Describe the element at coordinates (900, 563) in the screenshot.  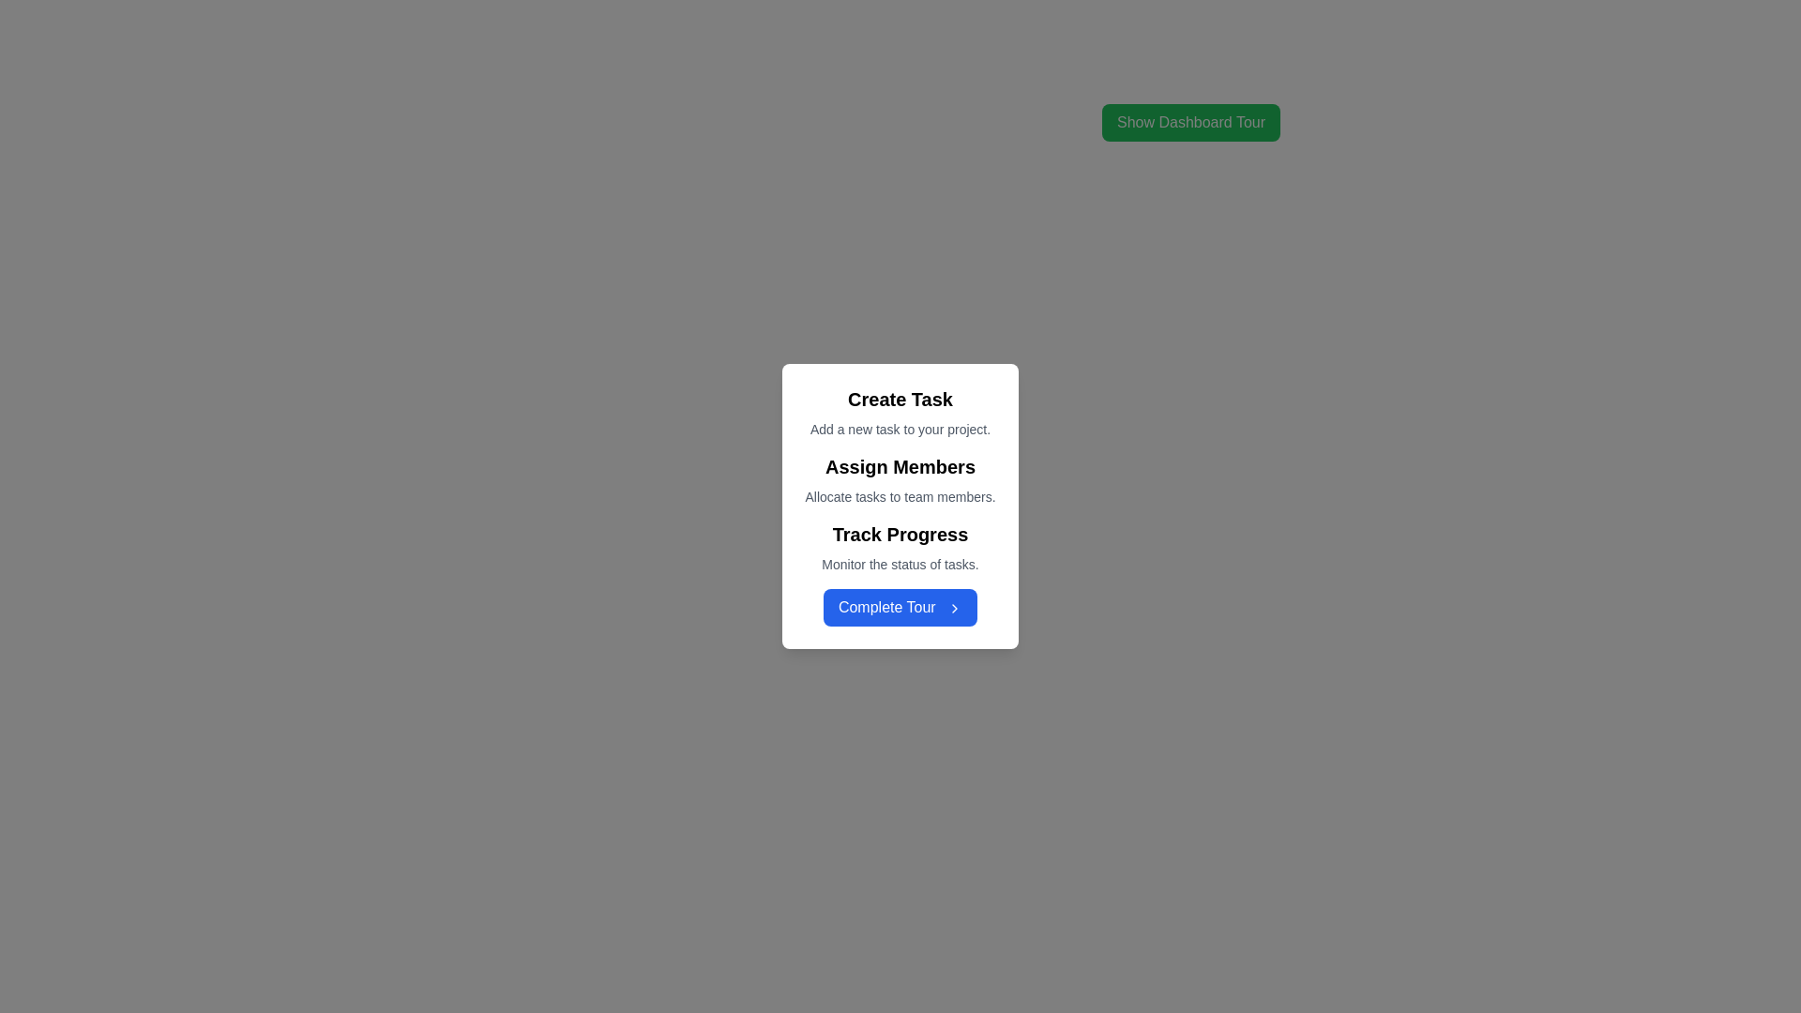
I see `the text label displaying 'Monitor the status of tasks.' which is styled in gray and located directly below the header 'Track Progress'` at that location.